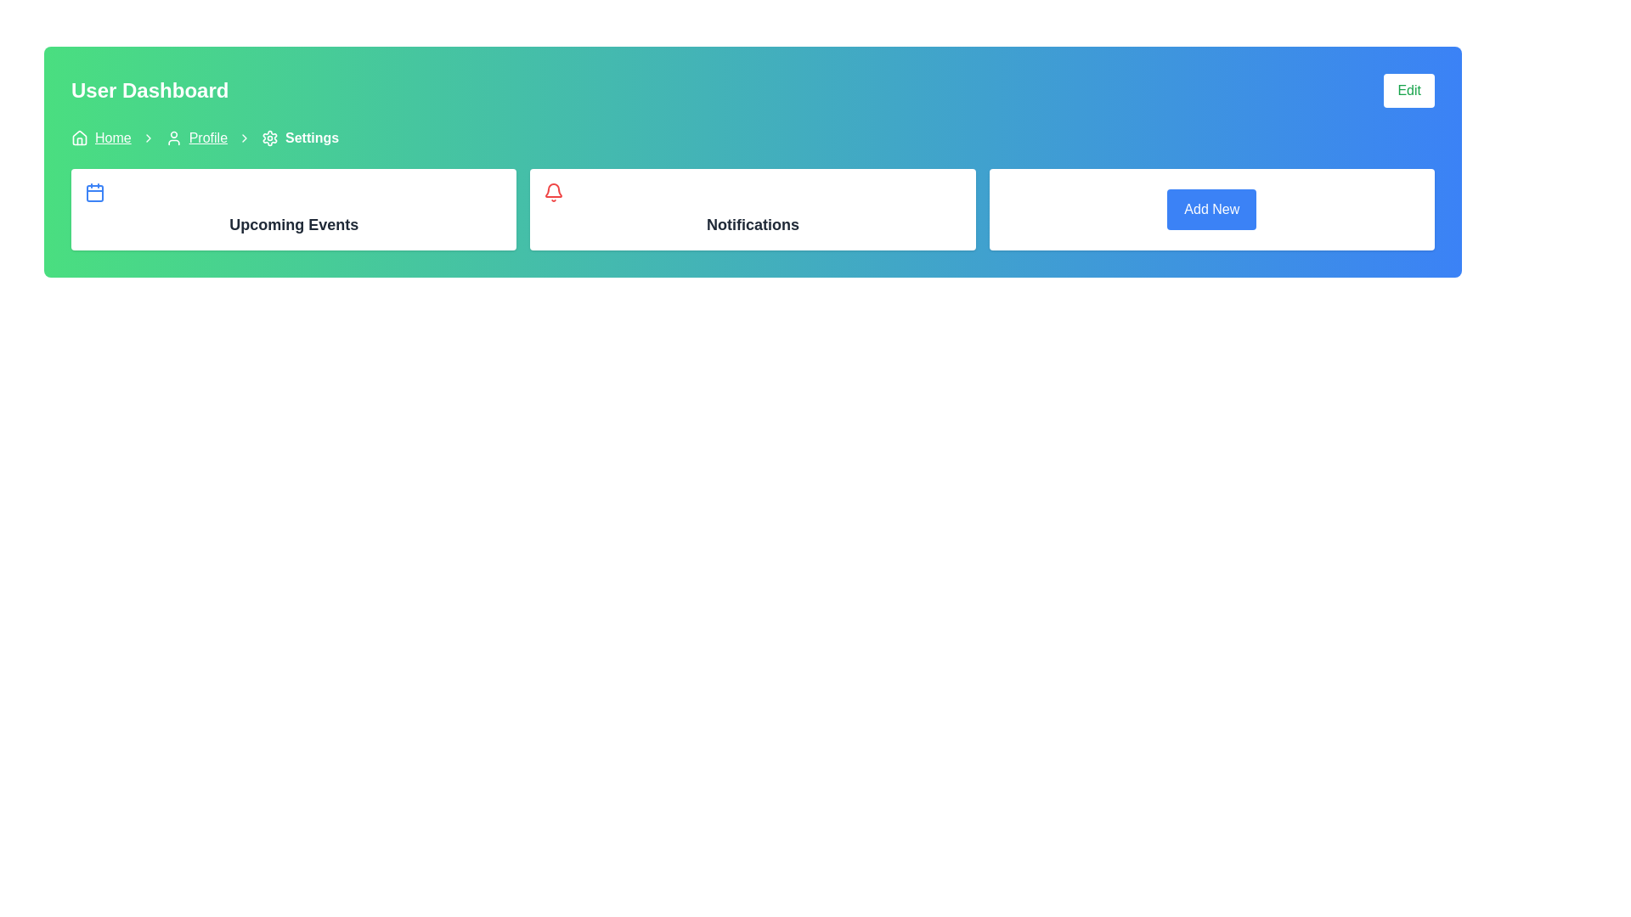 The height and width of the screenshot is (917, 1631). I want to click on the hyperlink in the breadcrumb navigation section, so click(112, 137).